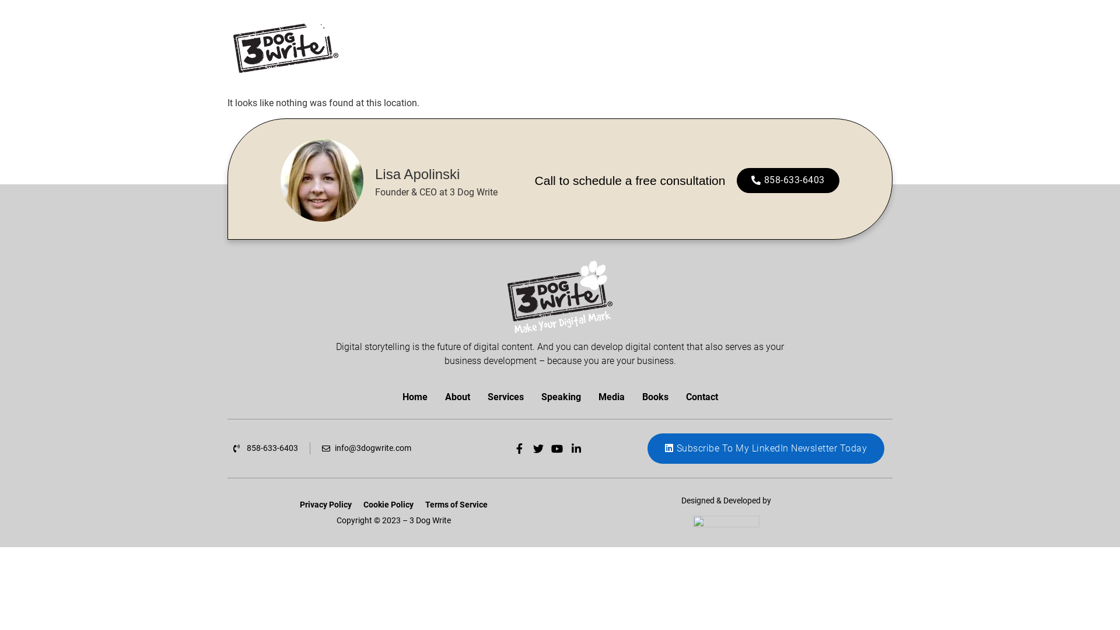 Image resolution: width=1120 pixels, height=630 pixels. What do you see at coordinates (505, 397) in the screenshot?
I see `'Services'` at bounding box center [505, 397].